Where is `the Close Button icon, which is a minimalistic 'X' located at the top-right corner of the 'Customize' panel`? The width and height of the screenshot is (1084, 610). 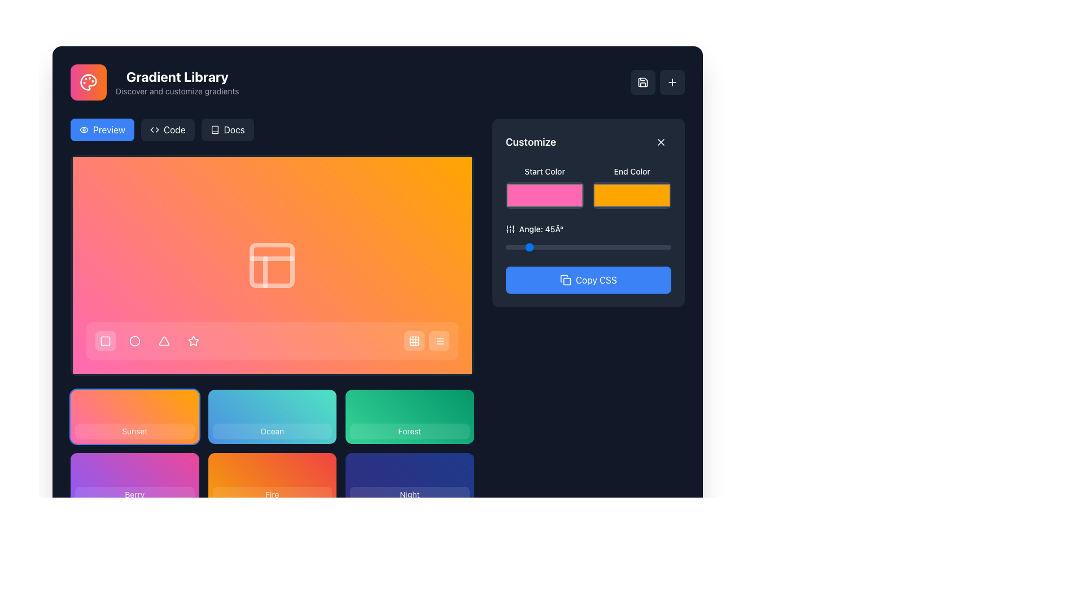 the Close Button icon, which is a minimalistic 'X' located at the top-right corner of the 'Customize' panel is located at coordinates (661, 141).